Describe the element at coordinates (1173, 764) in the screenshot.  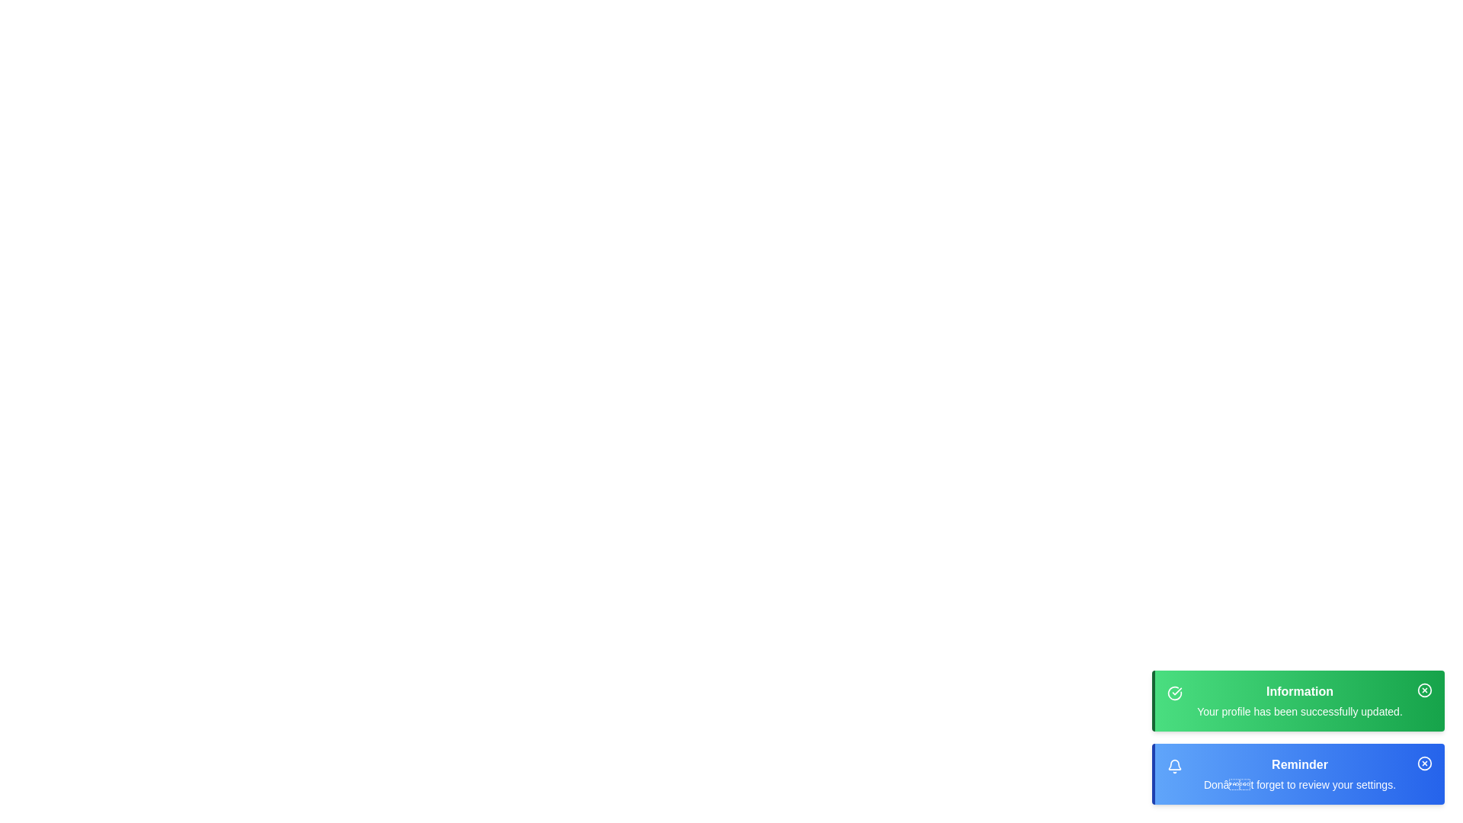
I see `the bell icon, which is a vector graphic styled with a circular dome top and a wider curved base, located in the top-right area of the interface` at that location.